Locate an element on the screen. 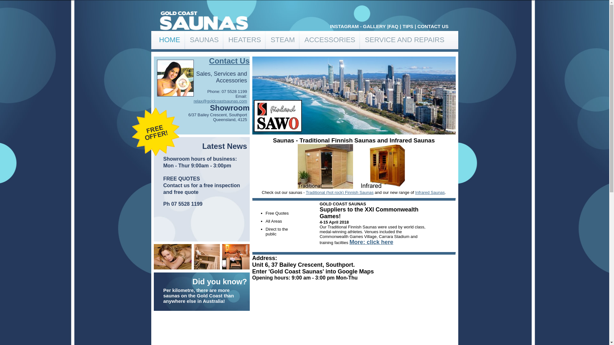  'relax@goldcoastsaunas.com' is located at coordinates (220, 101).